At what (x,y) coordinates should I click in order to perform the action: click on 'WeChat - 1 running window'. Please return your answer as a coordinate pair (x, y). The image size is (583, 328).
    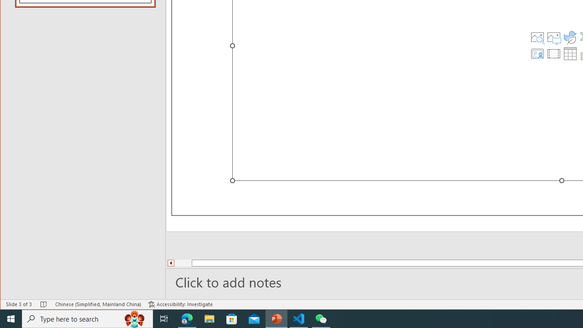
    Looking at the image, I should click on (321, 318).